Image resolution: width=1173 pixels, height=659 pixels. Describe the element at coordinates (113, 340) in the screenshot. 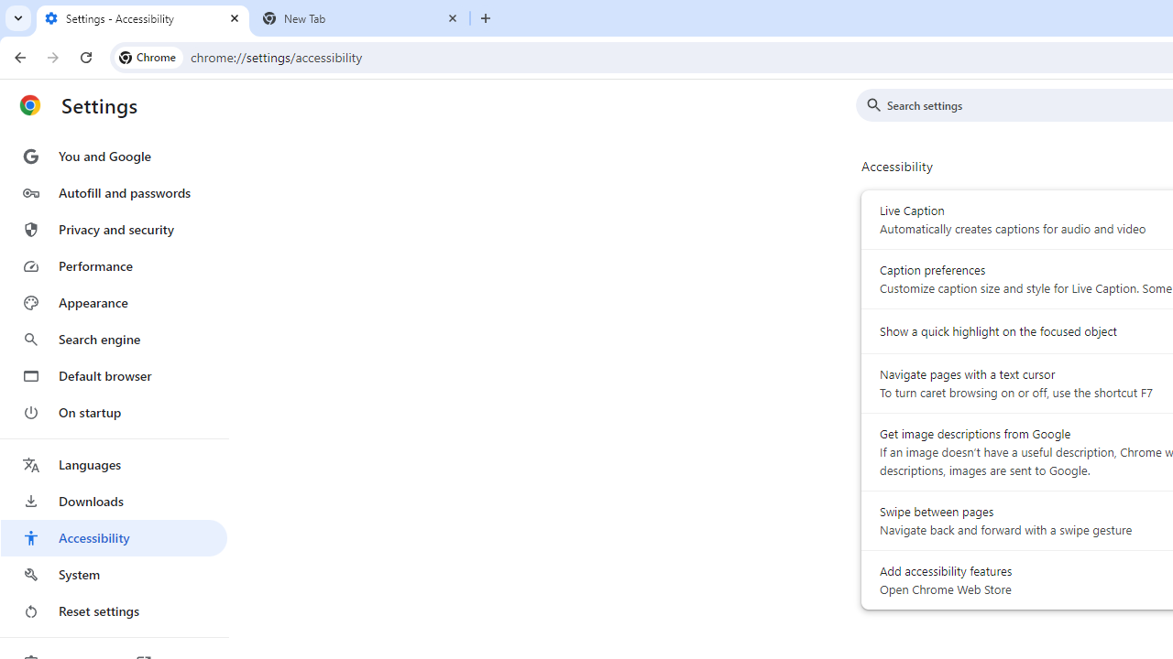

I see `'Search engine'` at that location.